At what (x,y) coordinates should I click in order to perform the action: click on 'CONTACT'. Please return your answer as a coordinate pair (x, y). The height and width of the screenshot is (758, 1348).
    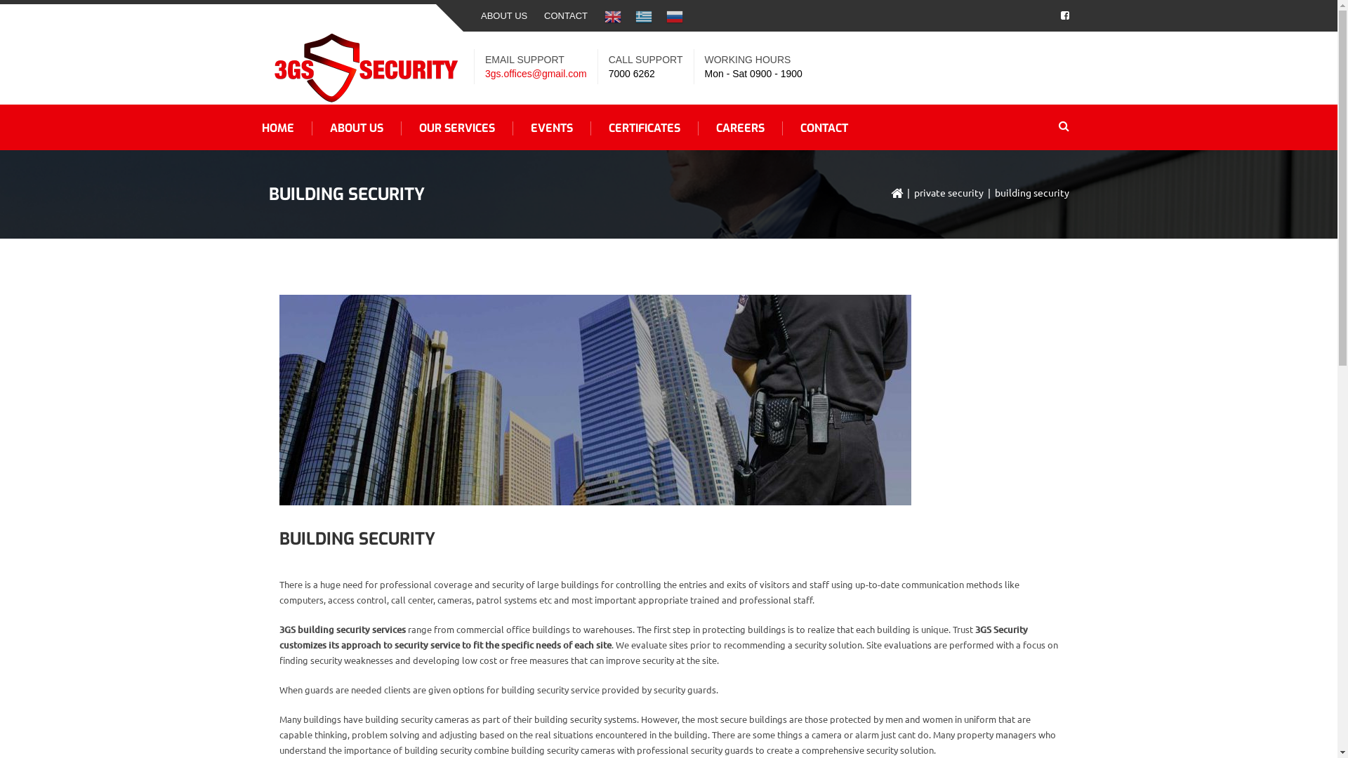
    Looking at the image, I should click on (566, 16).